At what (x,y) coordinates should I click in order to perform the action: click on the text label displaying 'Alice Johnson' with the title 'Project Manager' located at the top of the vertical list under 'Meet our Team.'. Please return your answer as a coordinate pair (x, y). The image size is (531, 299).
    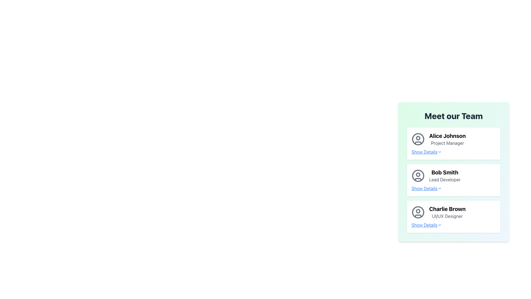
    Looking at the image, I should click on (447, 139).